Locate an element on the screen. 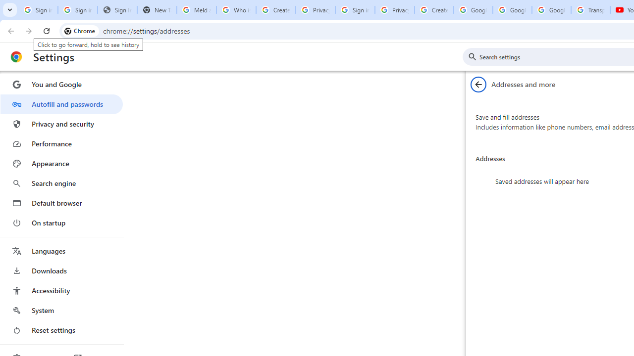 The height and width of the screenshot is (356, 634). 'On startup' is located at coordinates (61, 223).